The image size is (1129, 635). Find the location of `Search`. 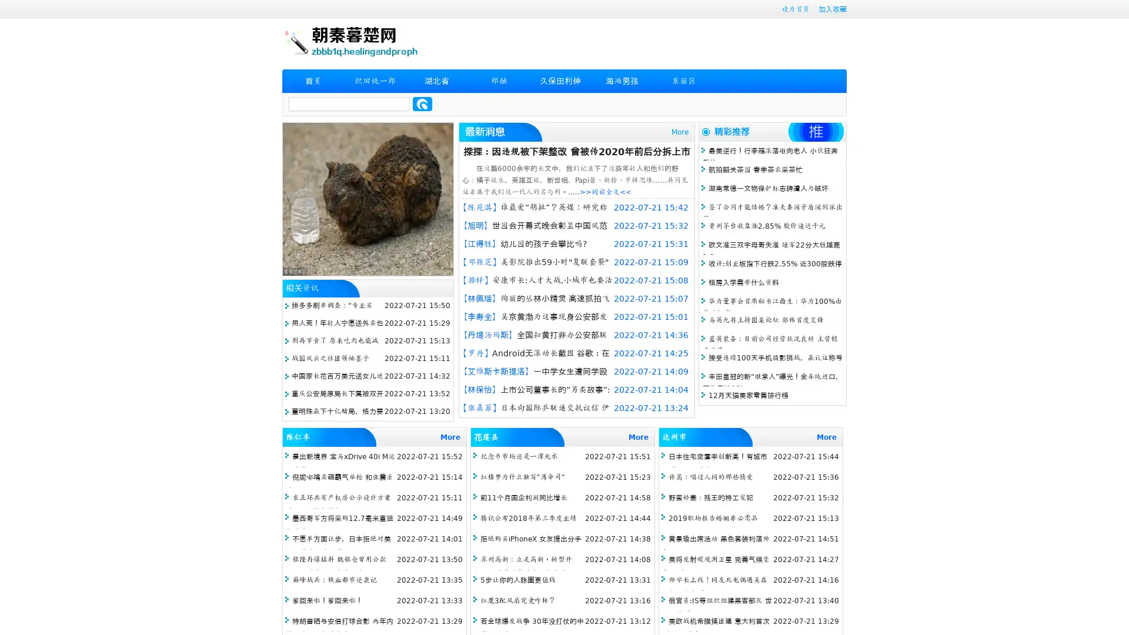

Search is located at coordinates (422, 103).